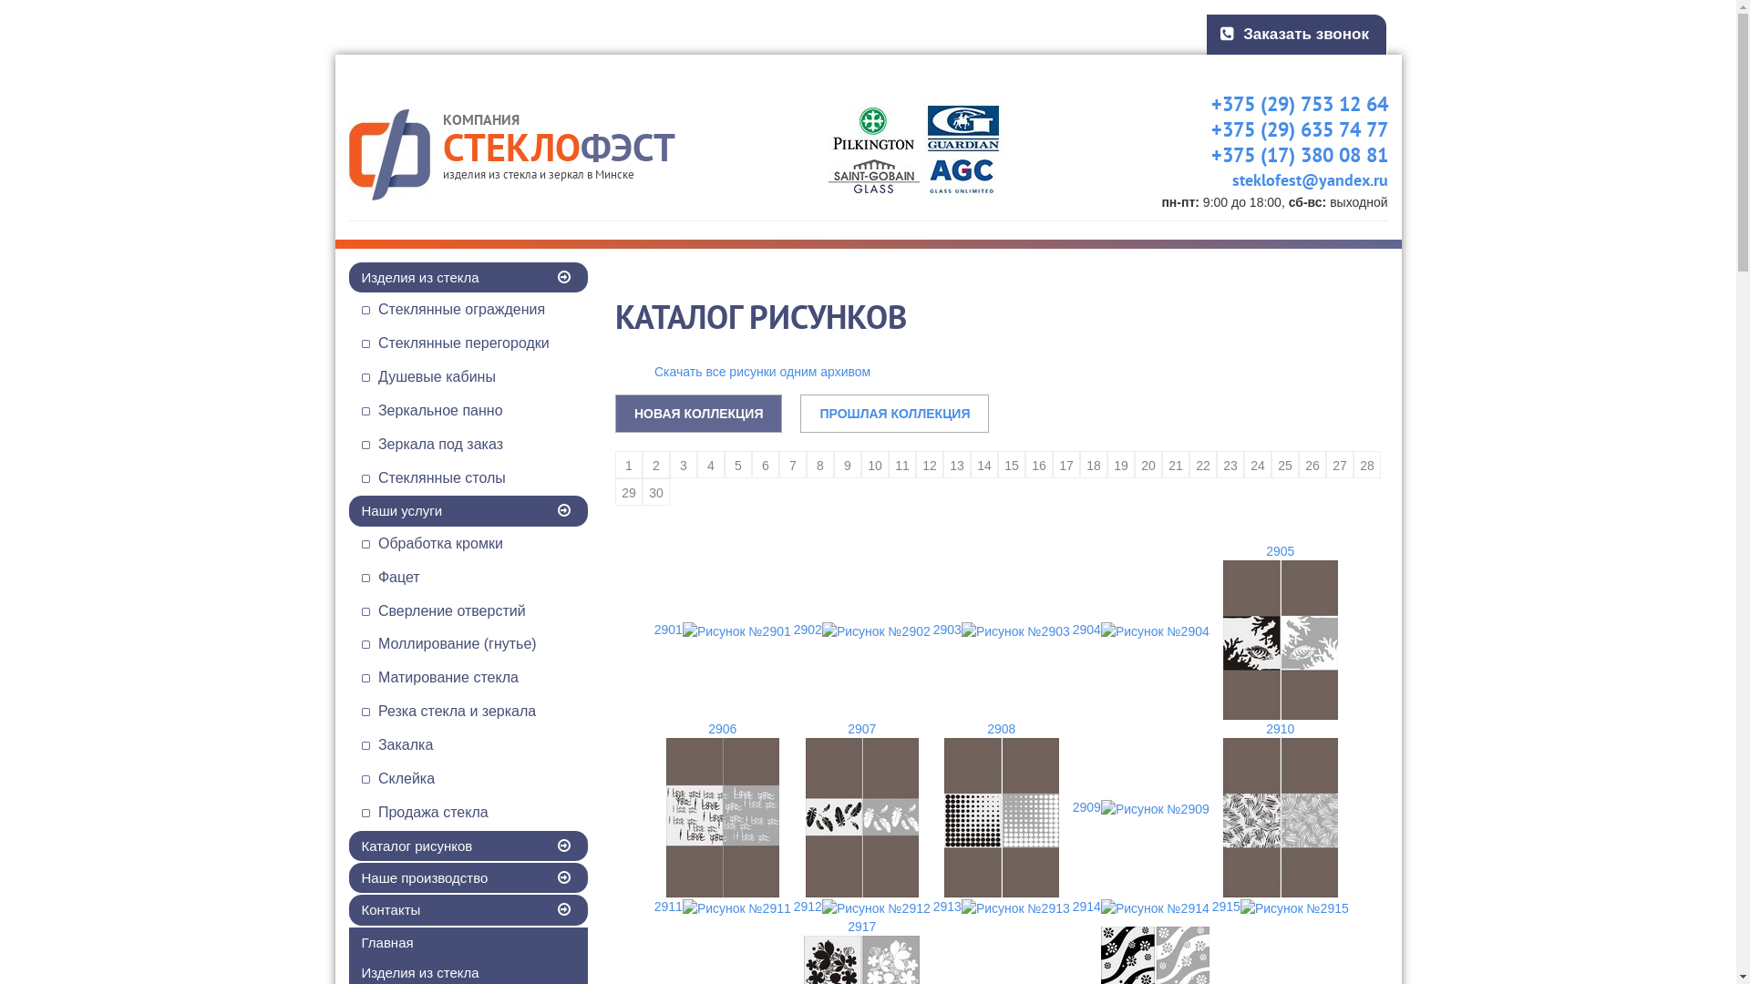 This screenshot has height=984, width=1750. I want to click on '2914', so click(1139, 907).